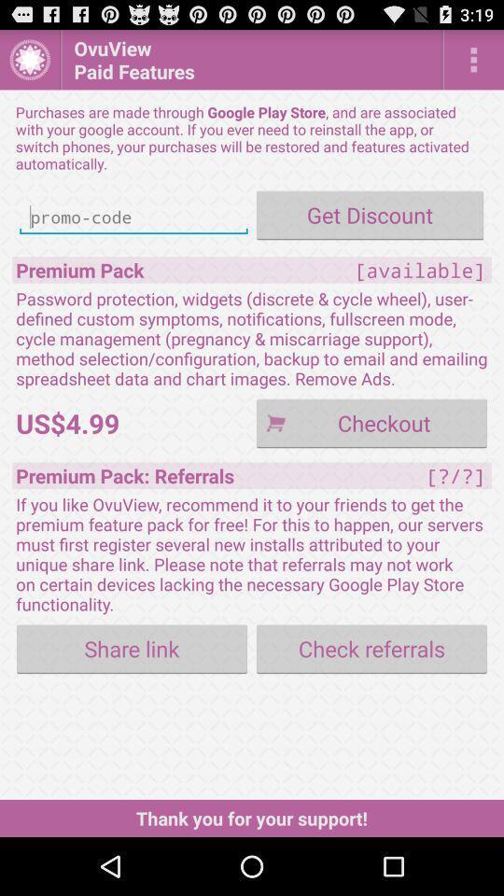 The width and height of the screenshot is (504, 896). Describe the element at coordinates (133, 217) in the screenshot. I see `promo code` at that location.